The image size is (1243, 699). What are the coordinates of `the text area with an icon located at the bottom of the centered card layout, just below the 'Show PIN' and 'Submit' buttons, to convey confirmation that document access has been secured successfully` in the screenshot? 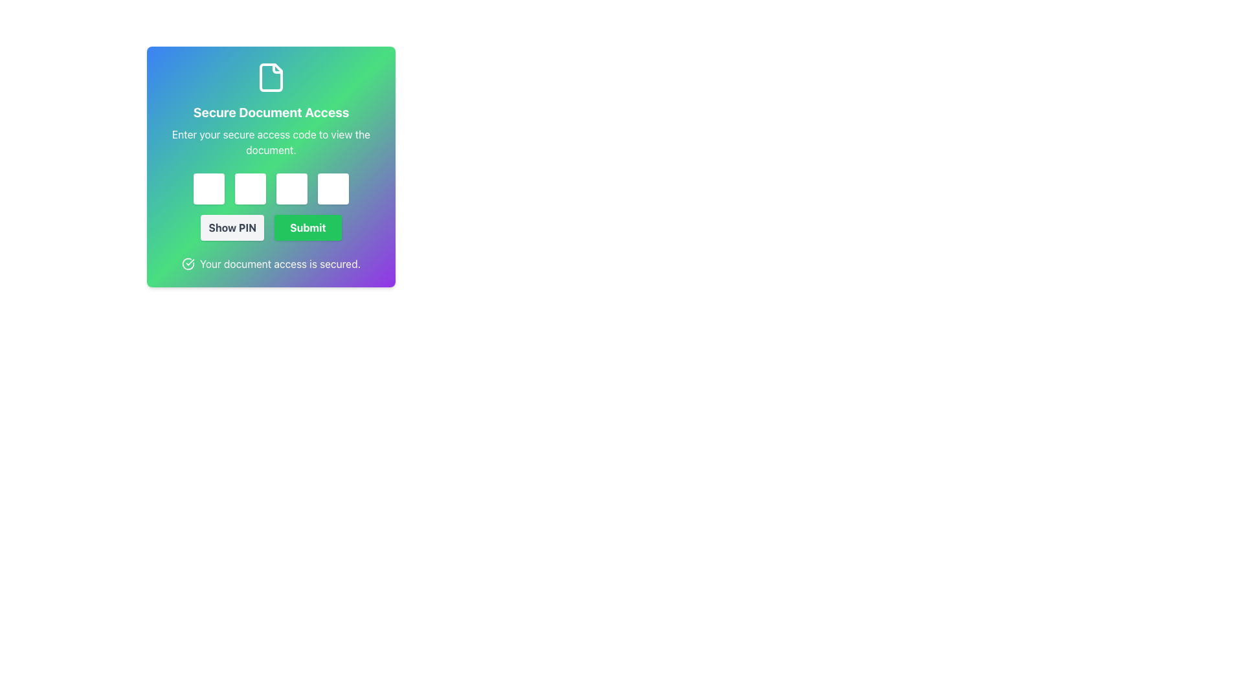 It's located at (270, 263).